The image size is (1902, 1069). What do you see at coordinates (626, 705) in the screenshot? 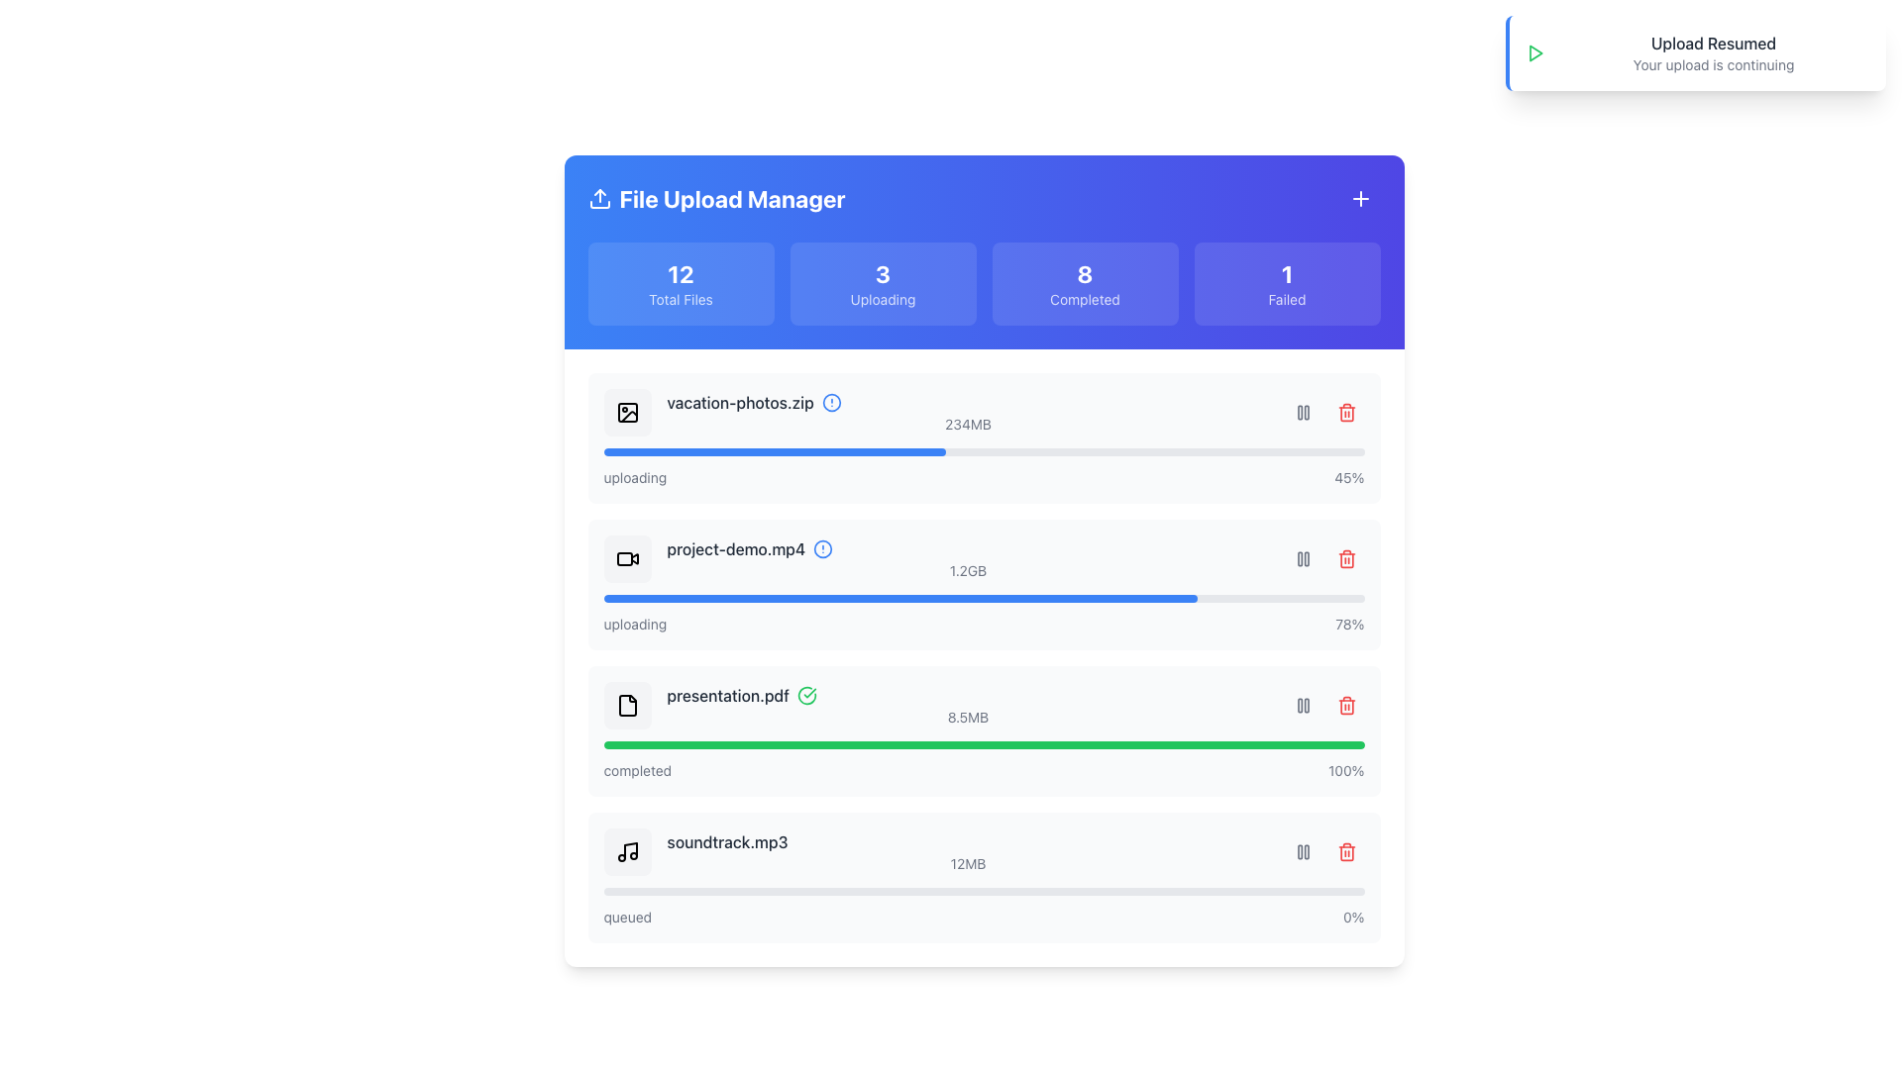
I see `the file icon representing 'presentation.pdf', which is located within a gray, rounded rectangle to the left of the file name in the 'File Upload Manager'` at bounding box center [626, 705].